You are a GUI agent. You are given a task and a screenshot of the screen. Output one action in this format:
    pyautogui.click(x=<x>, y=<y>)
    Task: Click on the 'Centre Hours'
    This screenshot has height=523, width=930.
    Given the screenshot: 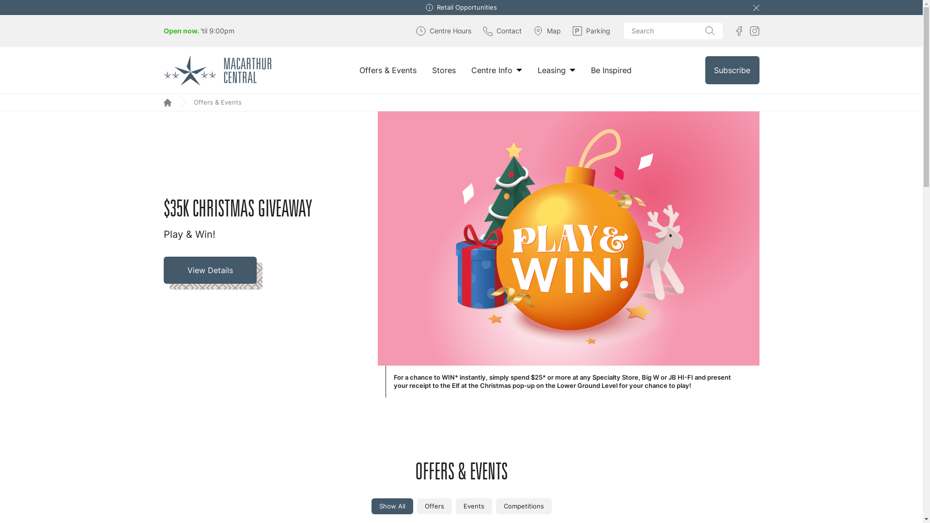 What is the action you would take?
    pyautogui.click(x=416, y=31)
    